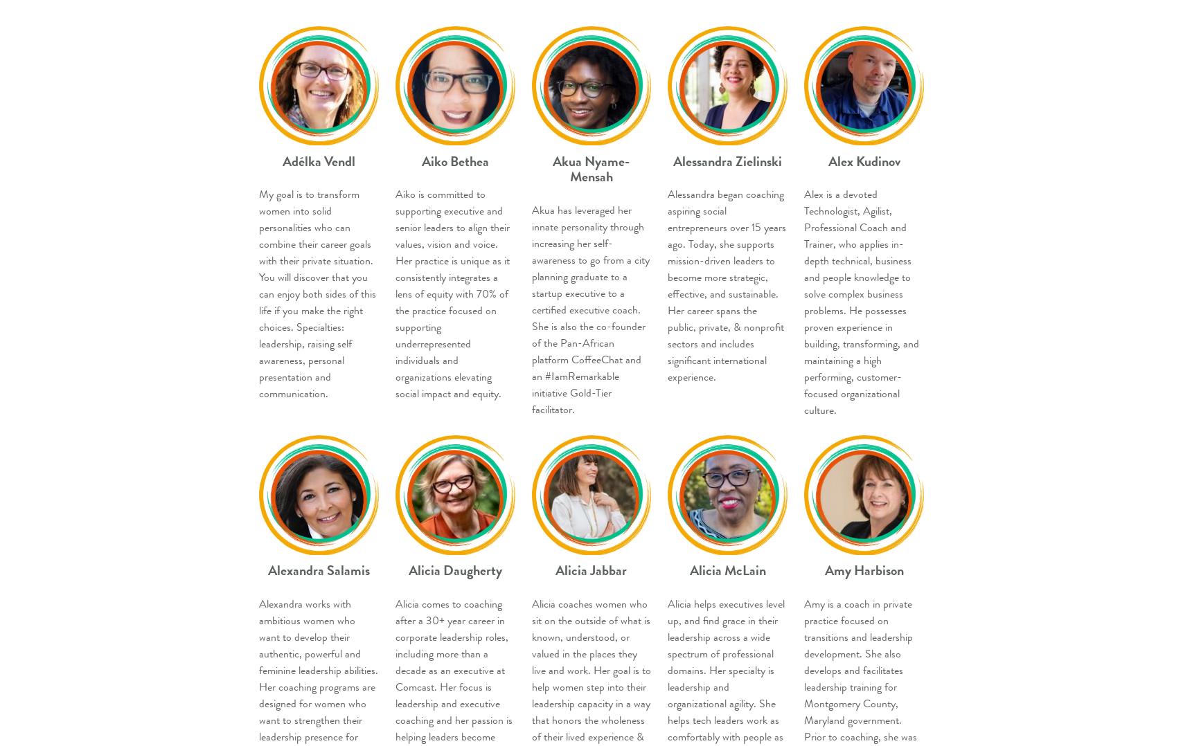  Describe the element at coordinates (454, 570) in the screenshot. I see `'Alicia Daugherty'` at that location.